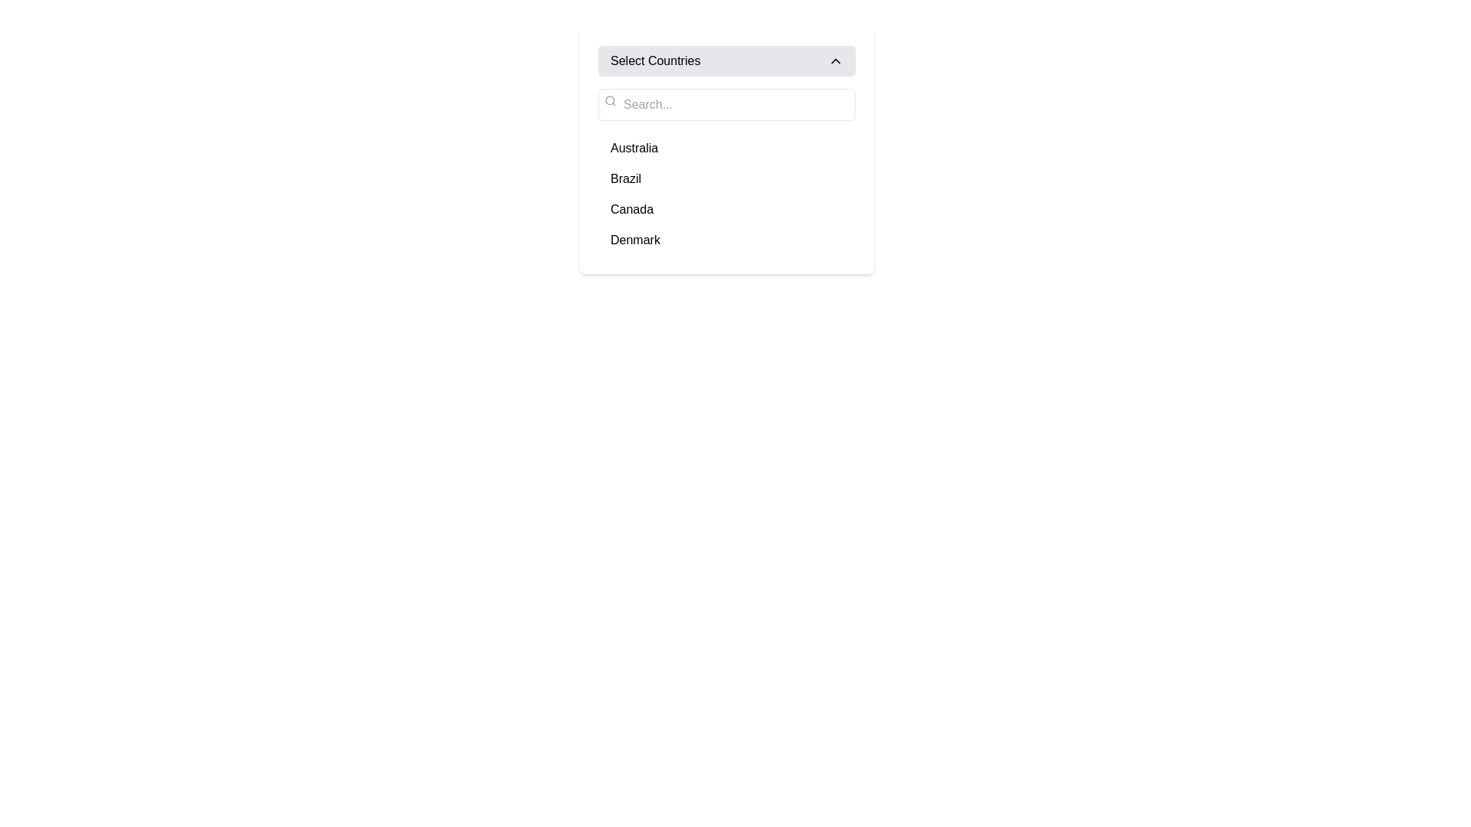 This screenshot has height=827, width=1471. What do you see at coordinates (726, 178) in the screenshot?
I see `the list item displaying the word 'Brazil' by moving the cursor to its center point programmatically` at bounding box center [726, 178].